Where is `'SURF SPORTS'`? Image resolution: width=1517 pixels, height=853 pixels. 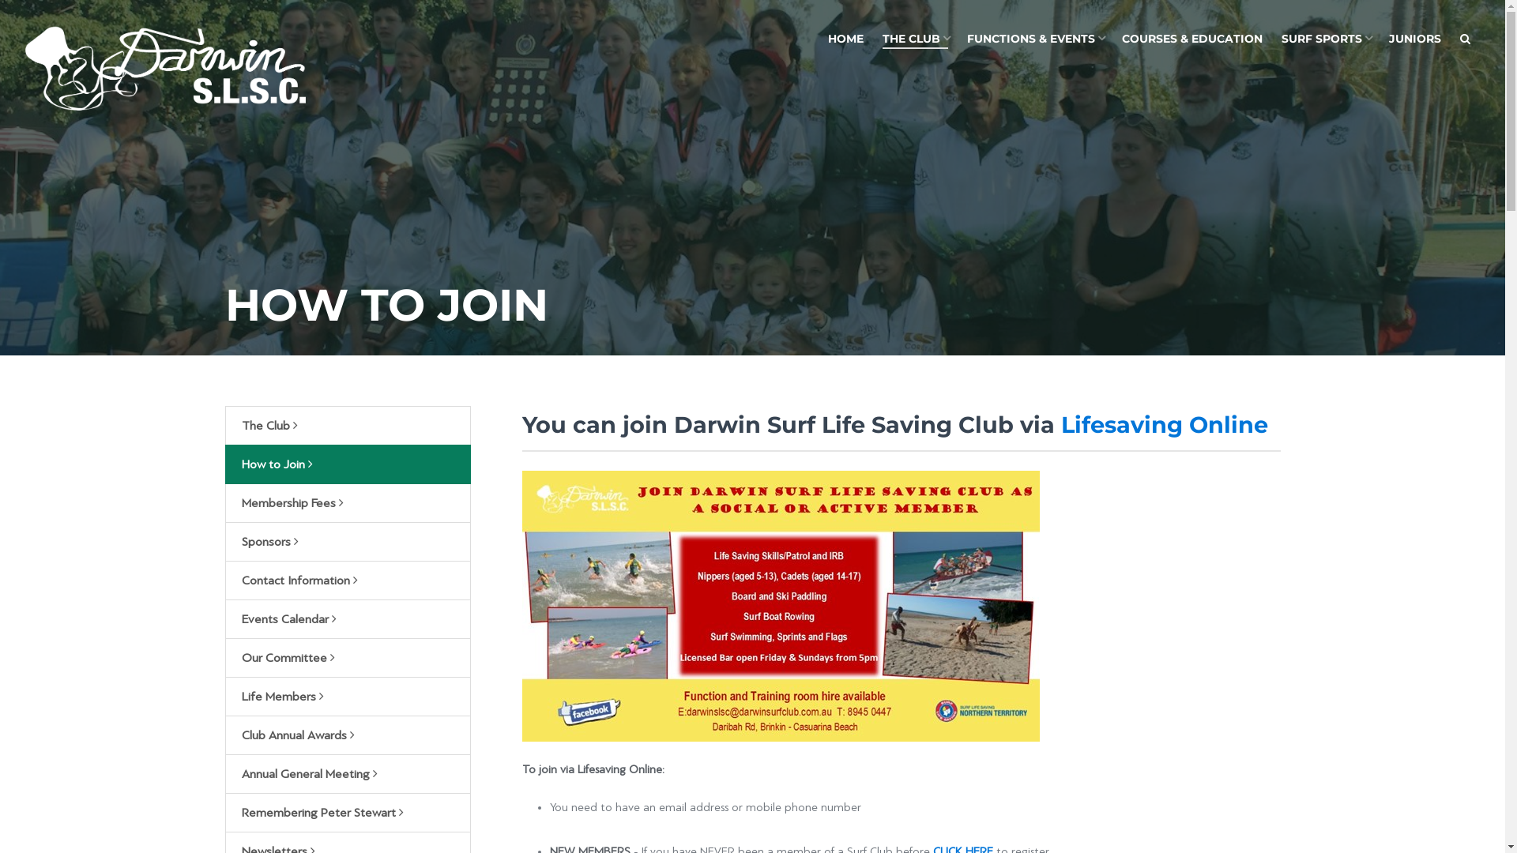 'SURF SPORTS' is located at coordinates (1326, 38).